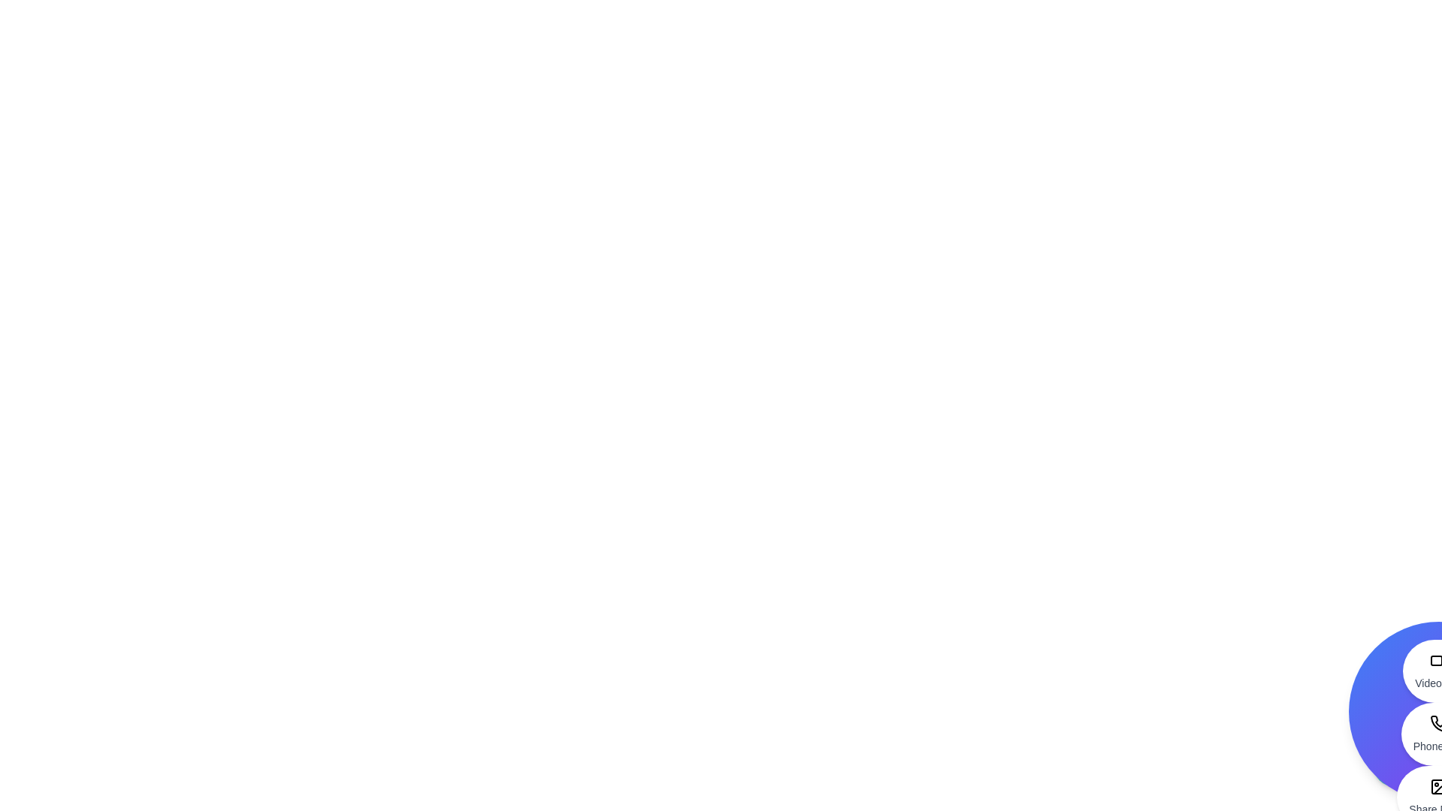 This screenshot has width=1442, height=811. What do you see at coordinates (1437, 671) in the screenshot?
I see `the 'Video Call' button to initiate a video call` at bounding box center [1437, 671].